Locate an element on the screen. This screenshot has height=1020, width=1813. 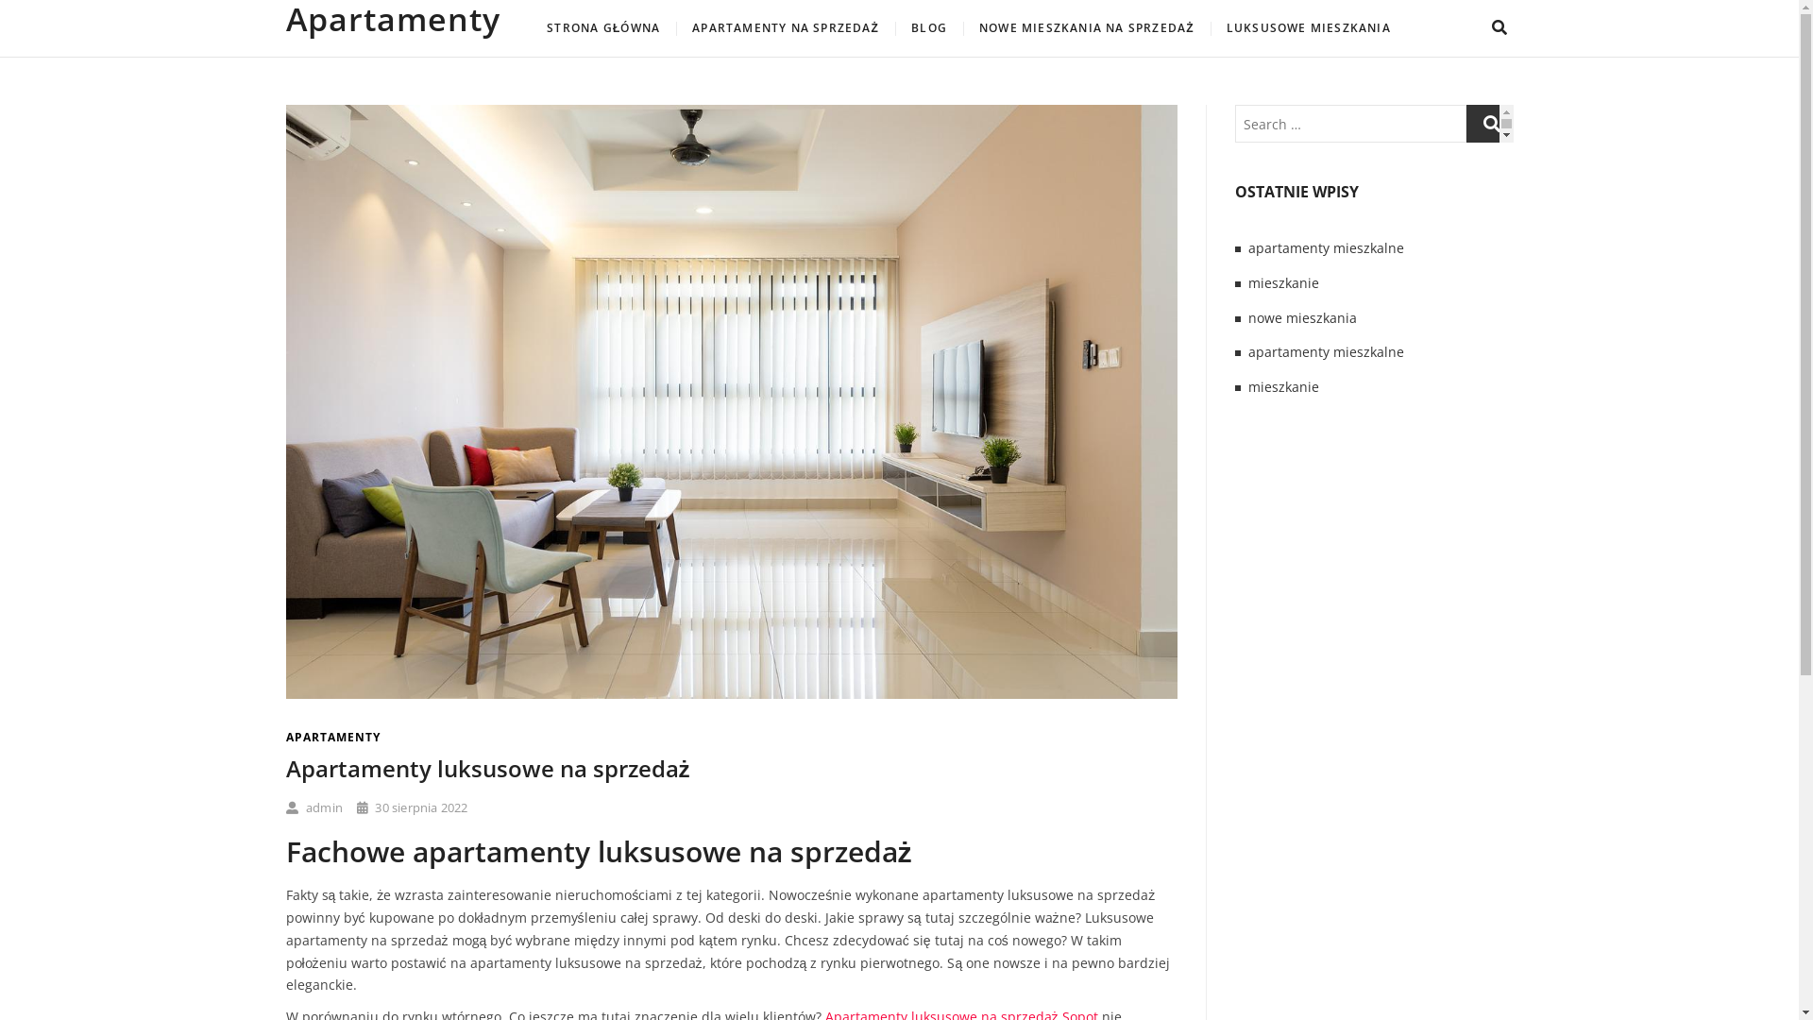
'apartamenty mieszkalne' is located at coordinates (1325, 351).